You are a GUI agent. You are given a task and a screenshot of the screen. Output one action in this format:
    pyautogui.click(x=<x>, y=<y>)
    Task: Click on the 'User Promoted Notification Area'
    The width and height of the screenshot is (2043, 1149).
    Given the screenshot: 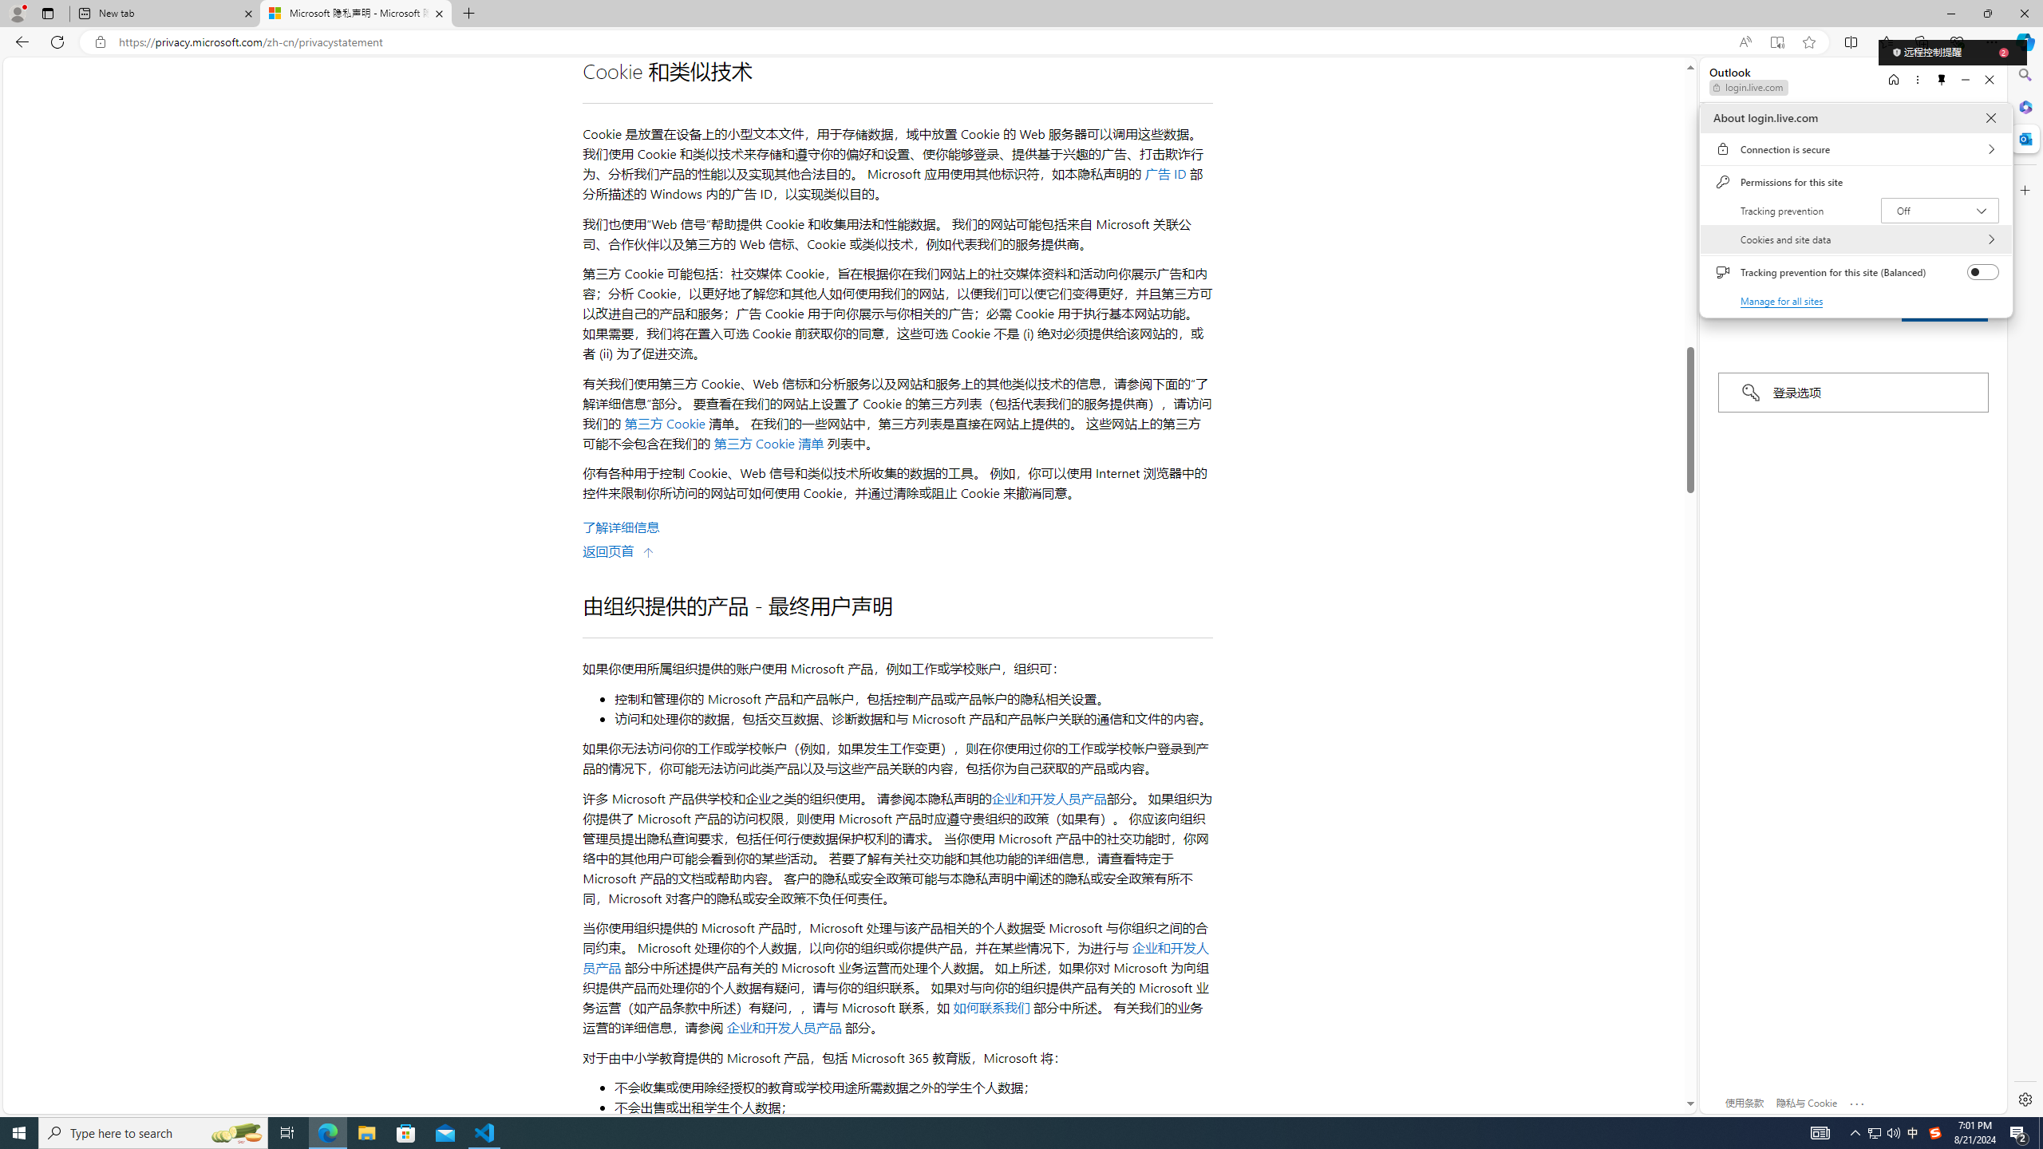 What is the action you would take?
    pyautogui.click(x=1883, y=1131)
    